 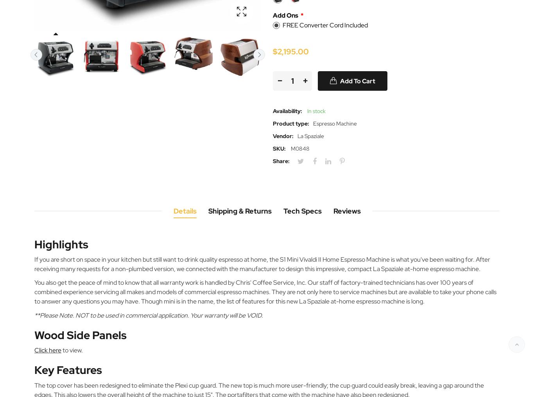 I want to click on 'Highlights', so click(x=61, y=244).